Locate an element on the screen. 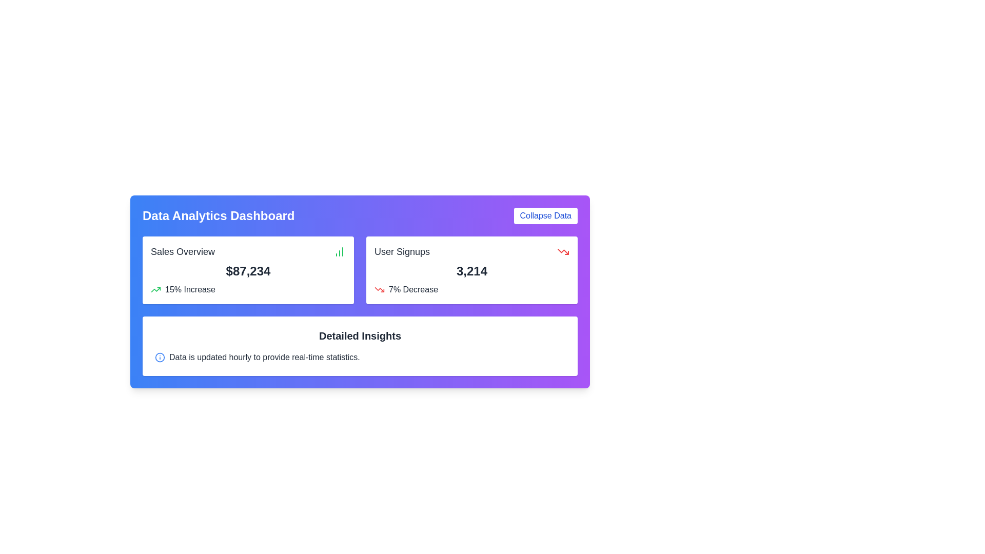  the red downward-trending arrow icon located in the 'User Signups' section, positioned to the far right of the '3,214' text is located at coordinates (563, 251).